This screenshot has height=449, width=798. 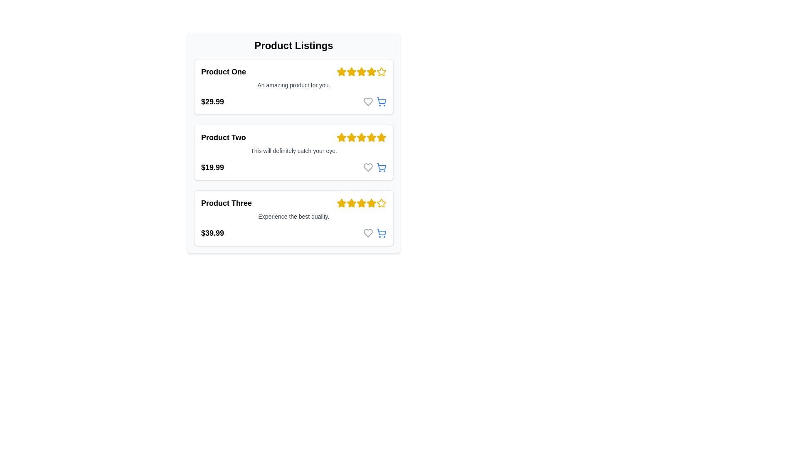 What do you see at coordinates (371, 203) in the screenshot?
I see `across the five star-shaped rating icons` at bounding box center [371, 203].